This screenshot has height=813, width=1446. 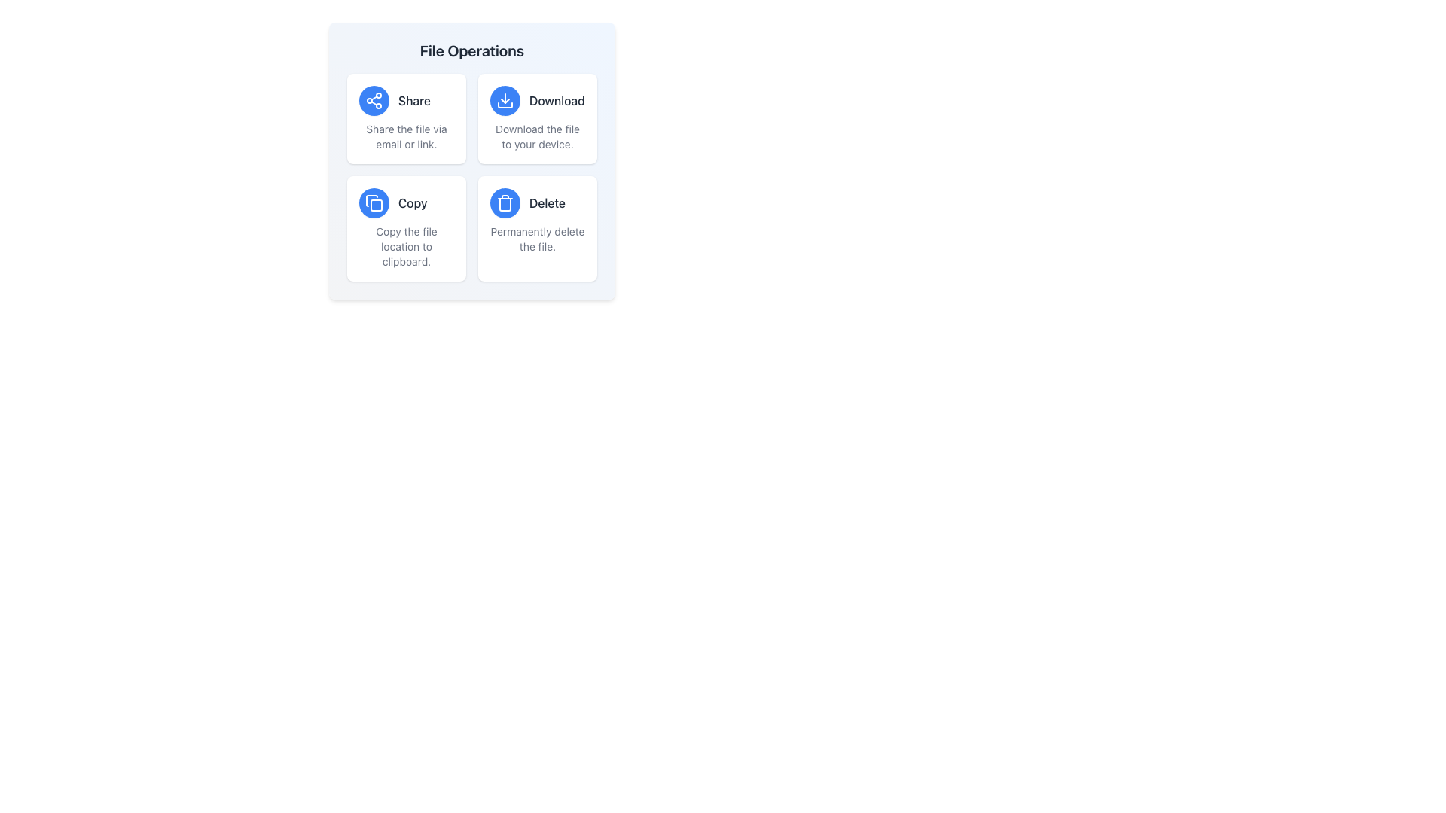 What do you see at coordinates (538, 203) in the screenshot?
I see `the 'Delete' label, which is displayed in bold font and has a blue circular icon with a white trash can symbol` at bounding box center [538, 203].